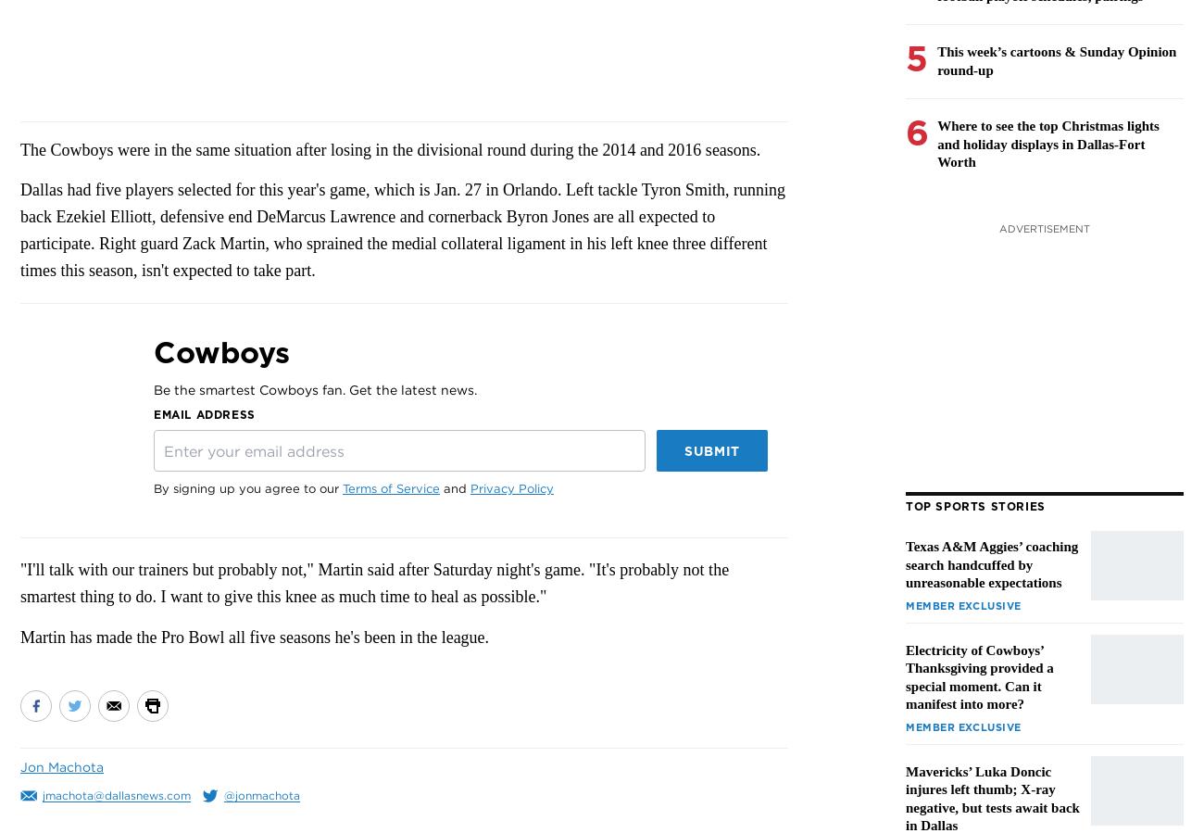 This screenshot has height=833, width=1204. Describe the element at coordinates (262, 795) in the screenshot. I see `'@jonmachota'` at that location.